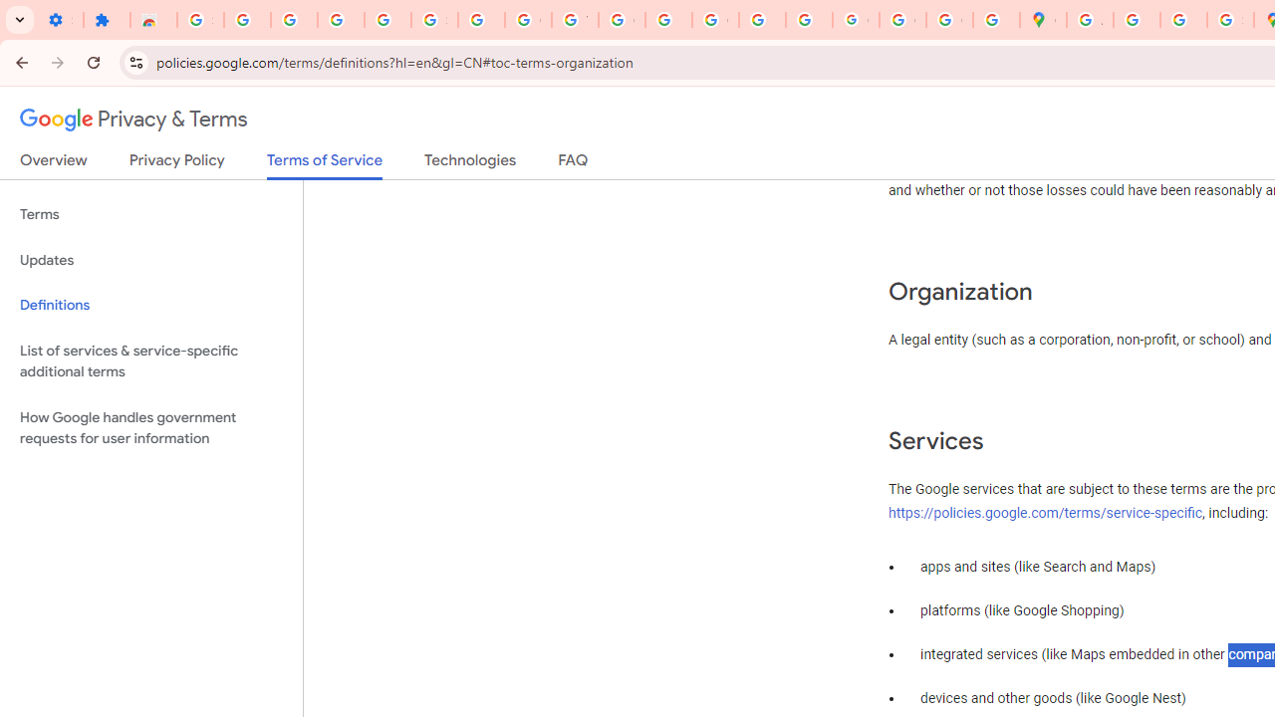 This screenshot has width=1275, height=717. I want to click on 'Google Maps', so click(1042, 20).